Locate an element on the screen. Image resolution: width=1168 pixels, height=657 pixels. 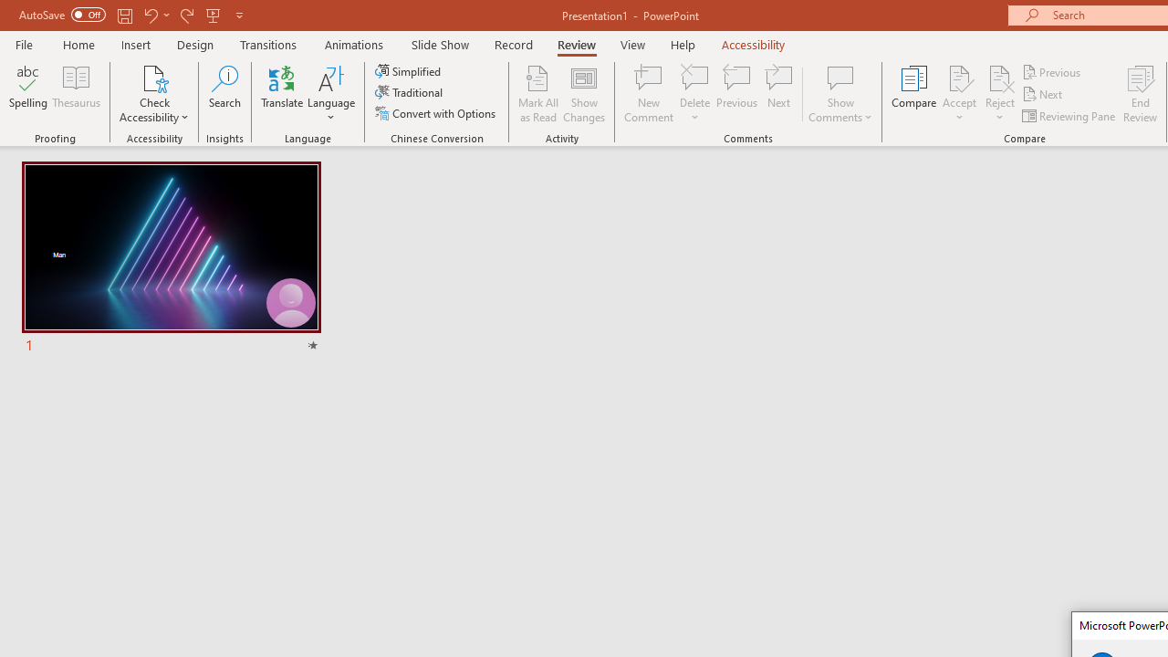
'Next' is located at coordinates (1044, 94).